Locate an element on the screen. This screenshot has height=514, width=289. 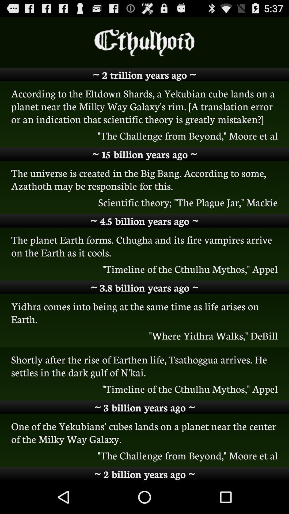
item above timeline of the icon is located at coordinates (144, 365).